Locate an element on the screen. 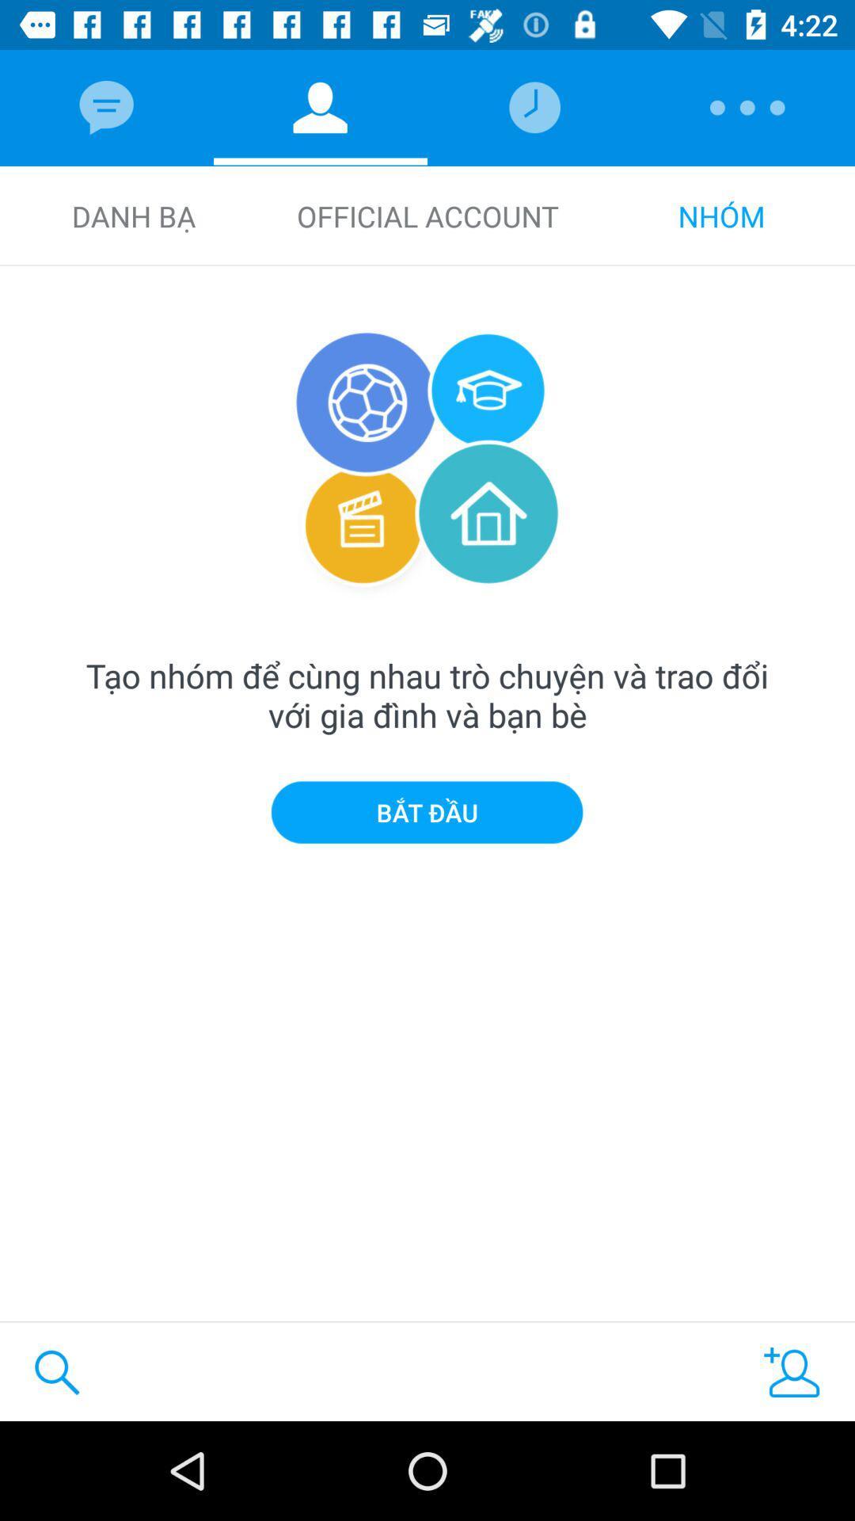  item next to the official account icon is located at coordinates (132, 215).